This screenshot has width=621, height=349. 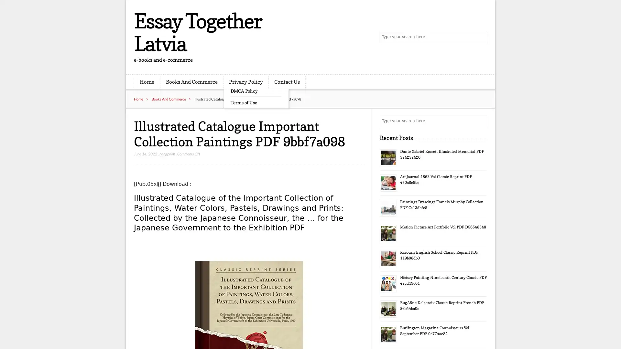 I want to click on Search, so click(x=480, y=37).